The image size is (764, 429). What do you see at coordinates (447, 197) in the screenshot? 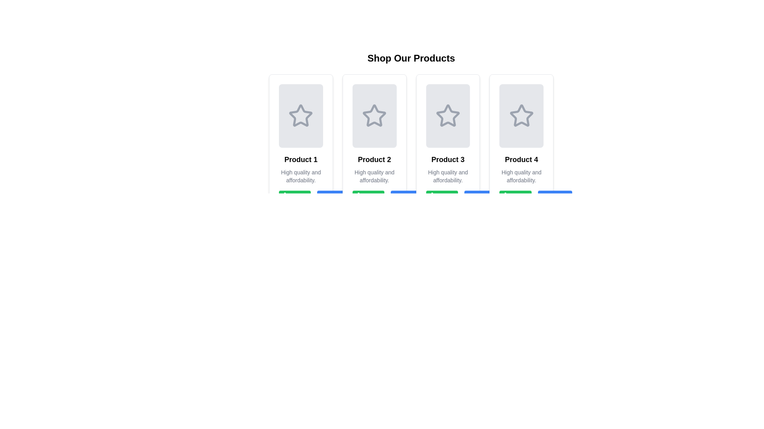
I see `the 'Add' text label located within the green button with a shopping cart icon, positioned below the third product card labeled 'Product 3'` at bounding box center [447, 197].